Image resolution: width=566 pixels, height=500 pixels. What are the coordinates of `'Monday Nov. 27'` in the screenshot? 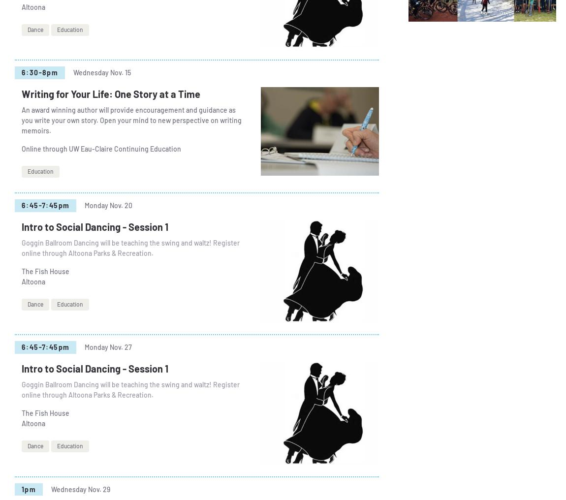 It's located at (107, 347).